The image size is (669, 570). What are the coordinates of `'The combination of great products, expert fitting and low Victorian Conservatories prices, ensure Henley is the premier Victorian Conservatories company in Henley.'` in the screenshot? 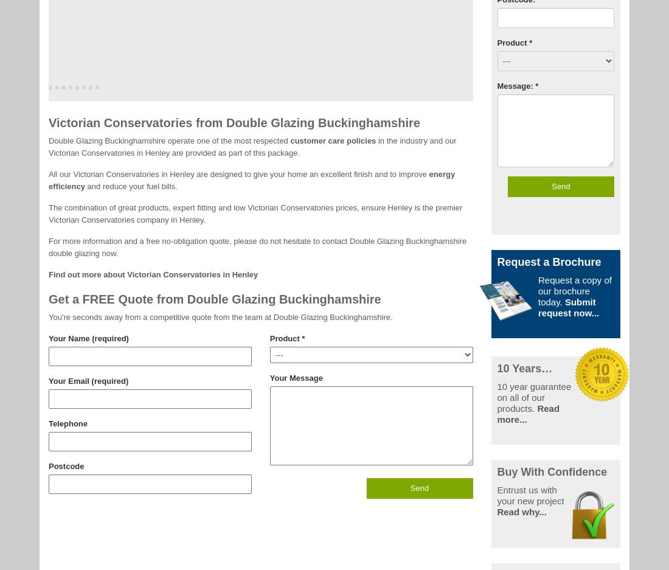 It's located at (254, 213).